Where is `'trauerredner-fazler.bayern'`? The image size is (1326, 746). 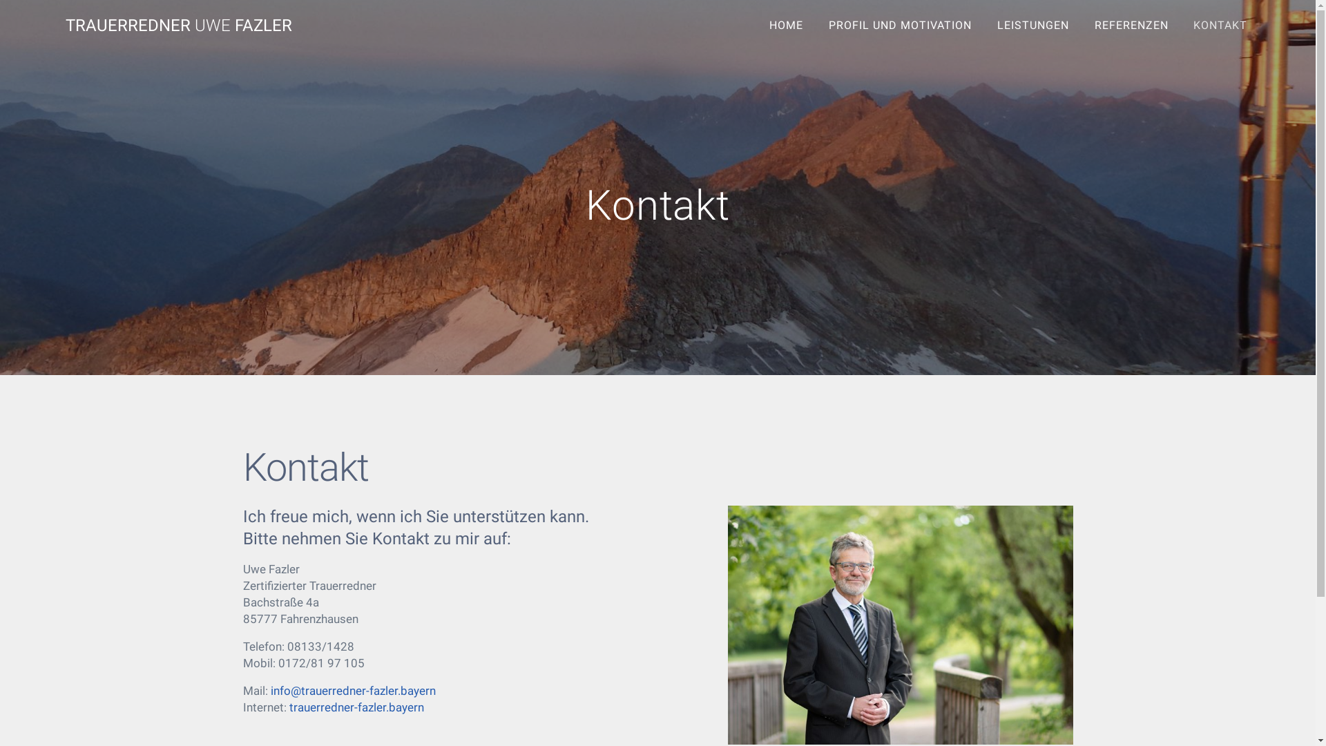
'trauerredner-fazler.bayern' is located at coordinates (356, 707).